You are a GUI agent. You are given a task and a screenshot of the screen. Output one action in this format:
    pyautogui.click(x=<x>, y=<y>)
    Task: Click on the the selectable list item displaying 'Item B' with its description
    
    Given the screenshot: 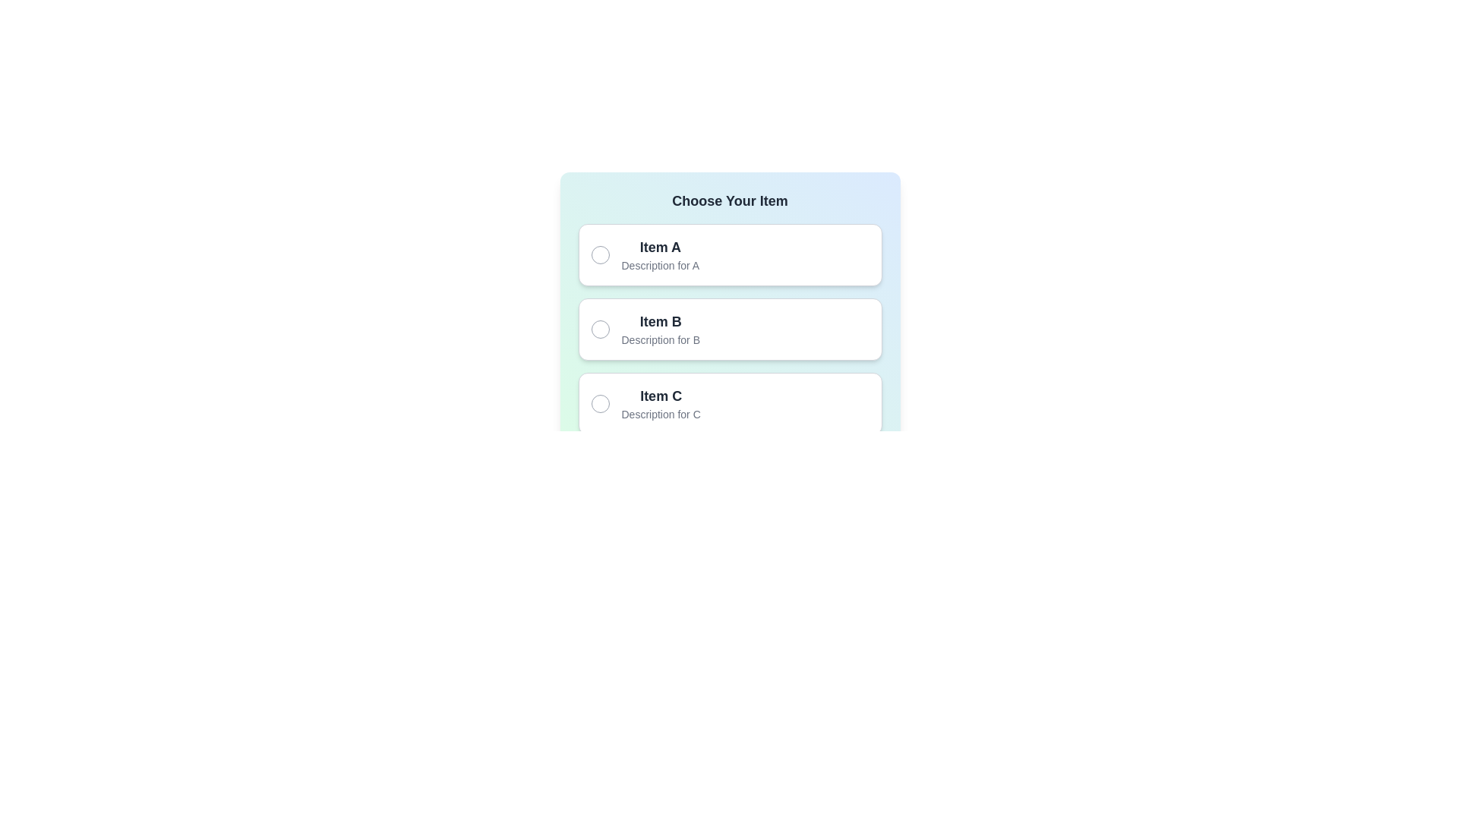 What is the action you would take?
    pyautogui.click(x=730, y=329)
    